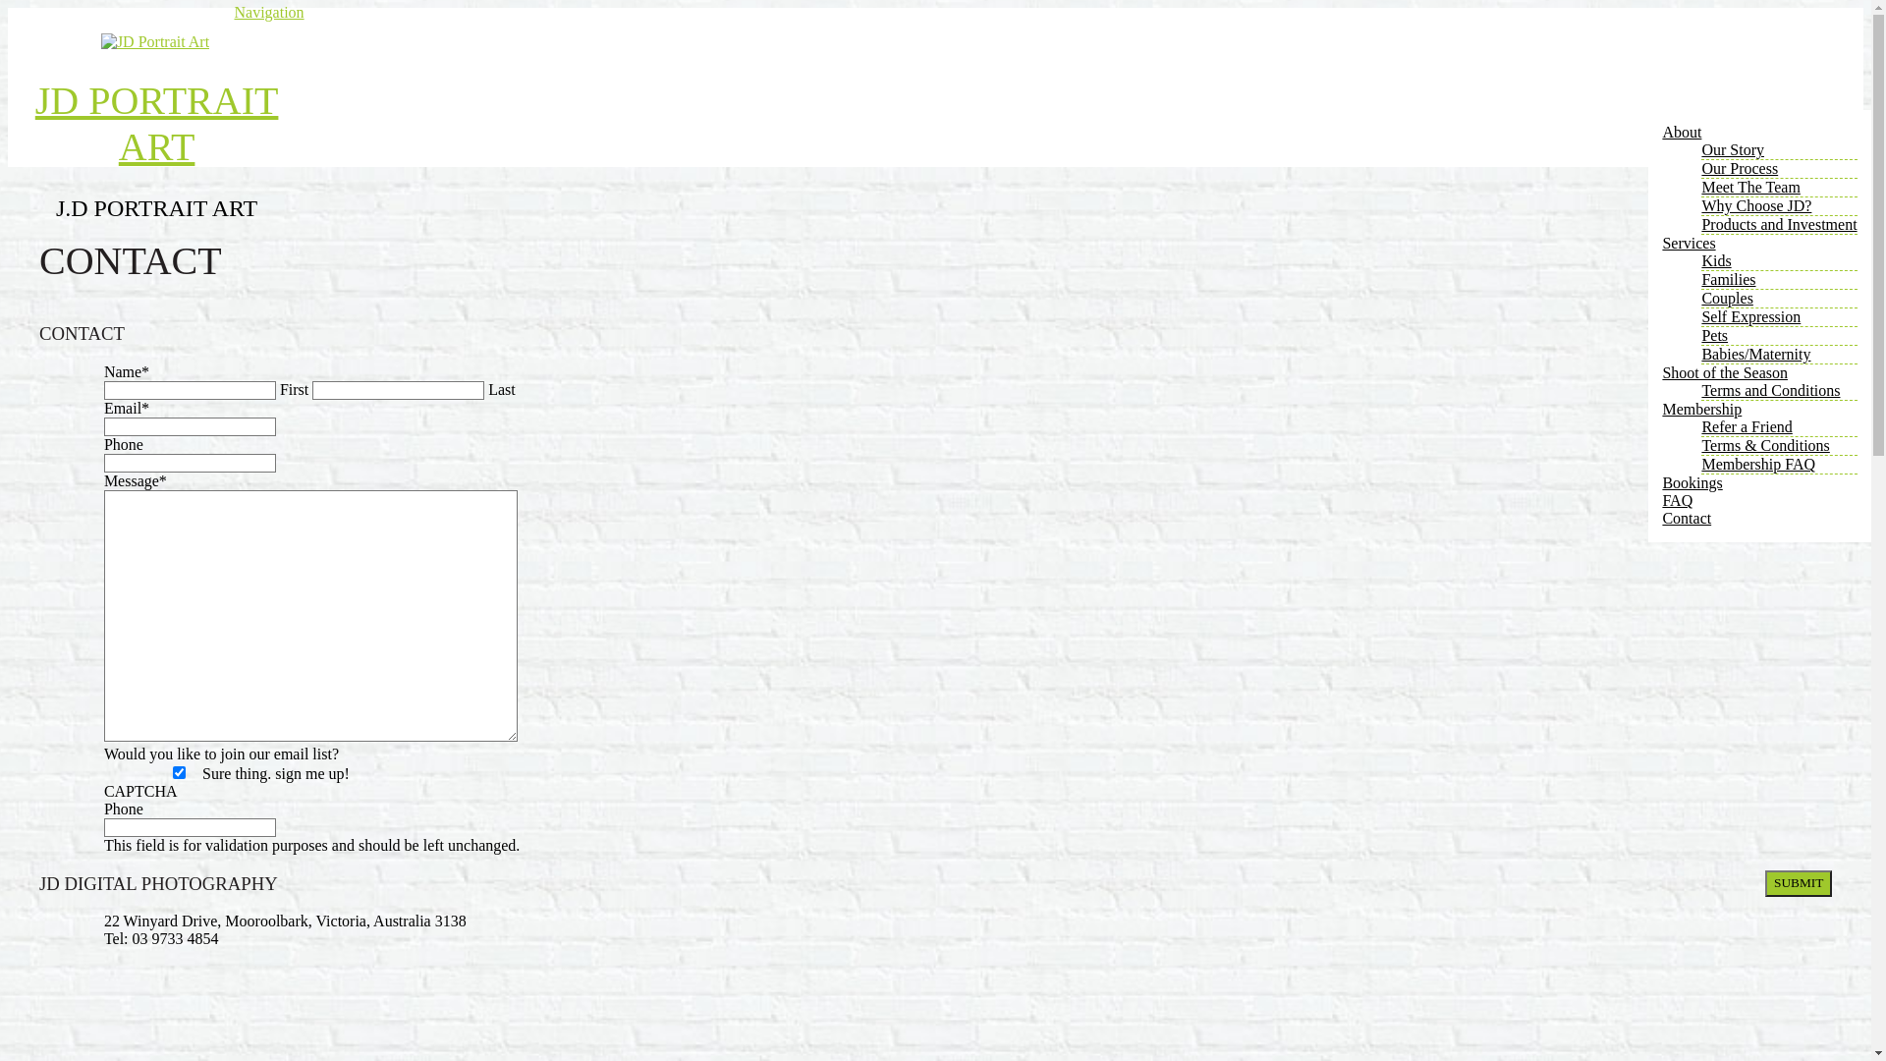  What do you see at coordinates (1798, 882) in the screenshot?
I see `'Submit'` at bounding box center [1798, 882].